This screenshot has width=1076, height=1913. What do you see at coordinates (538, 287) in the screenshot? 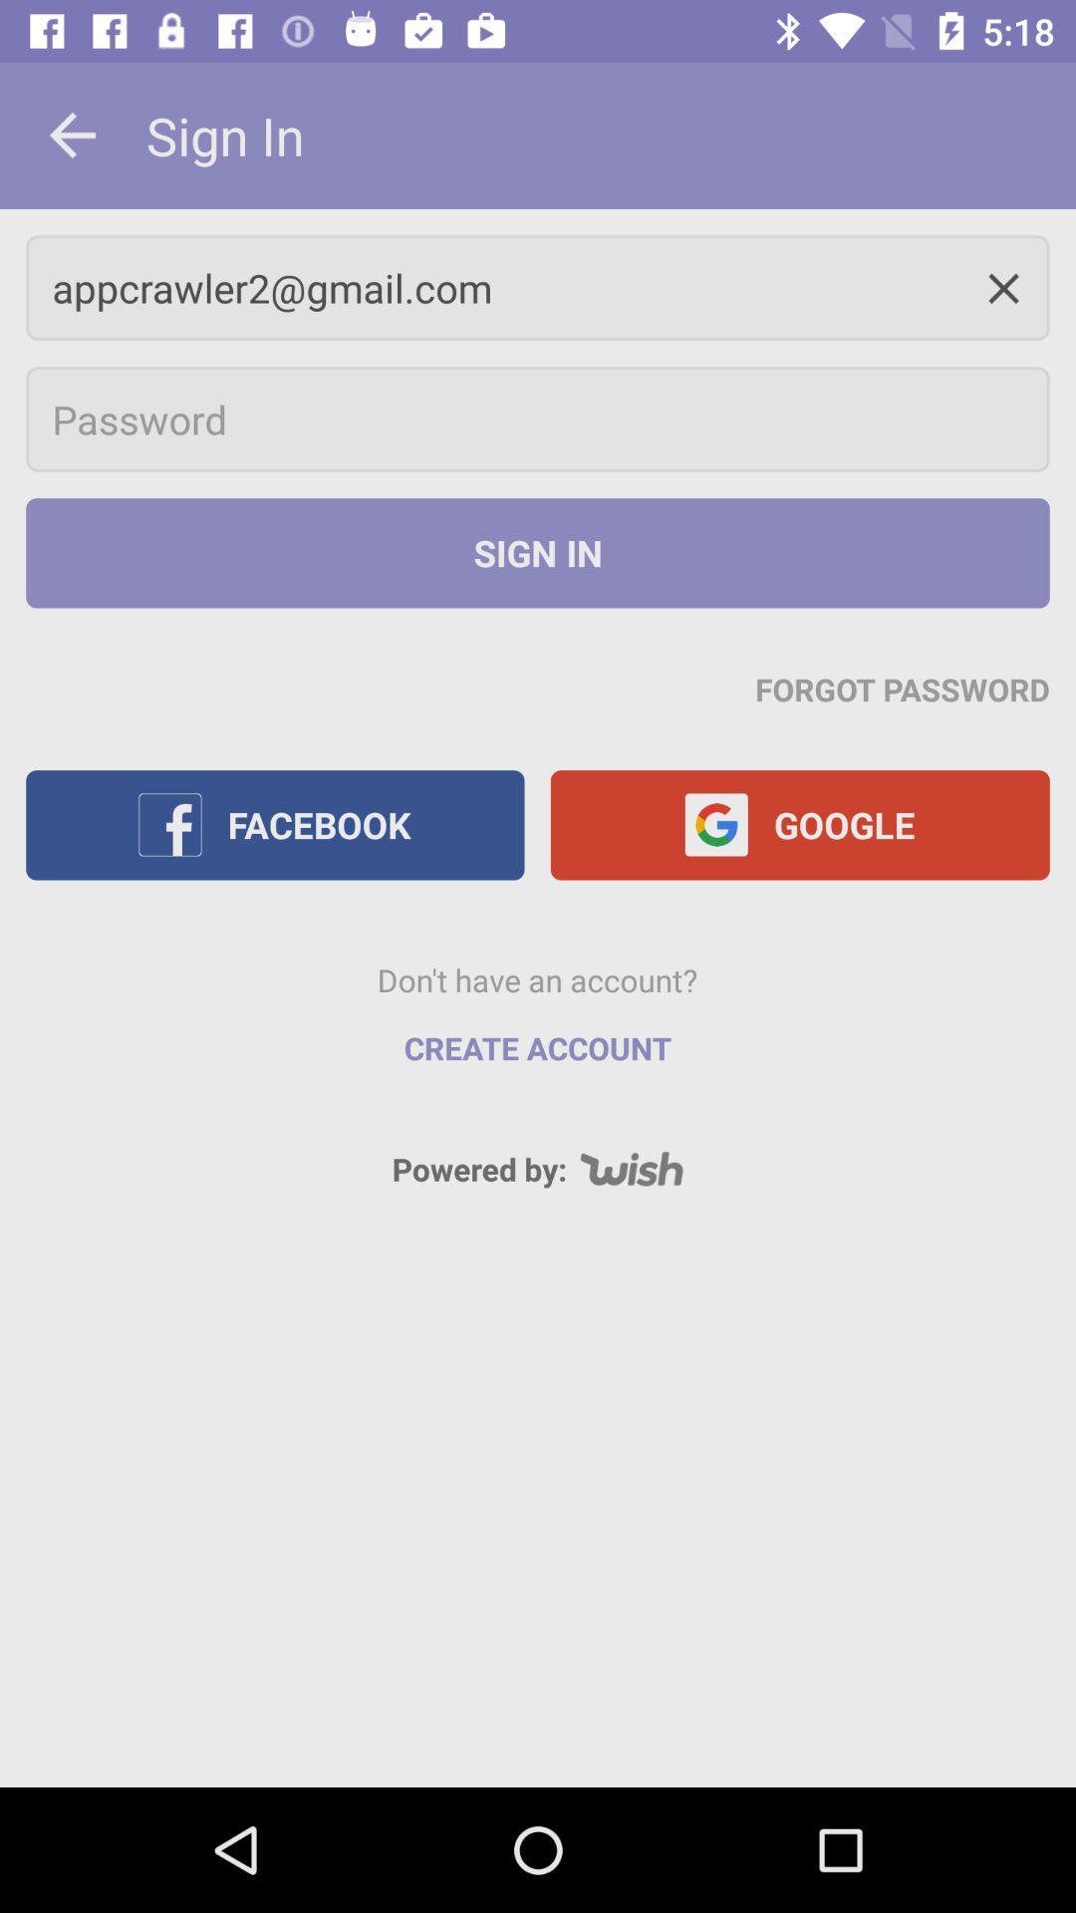
I see `appcrawler2@gmail.com` at bounding box center [538, 287].